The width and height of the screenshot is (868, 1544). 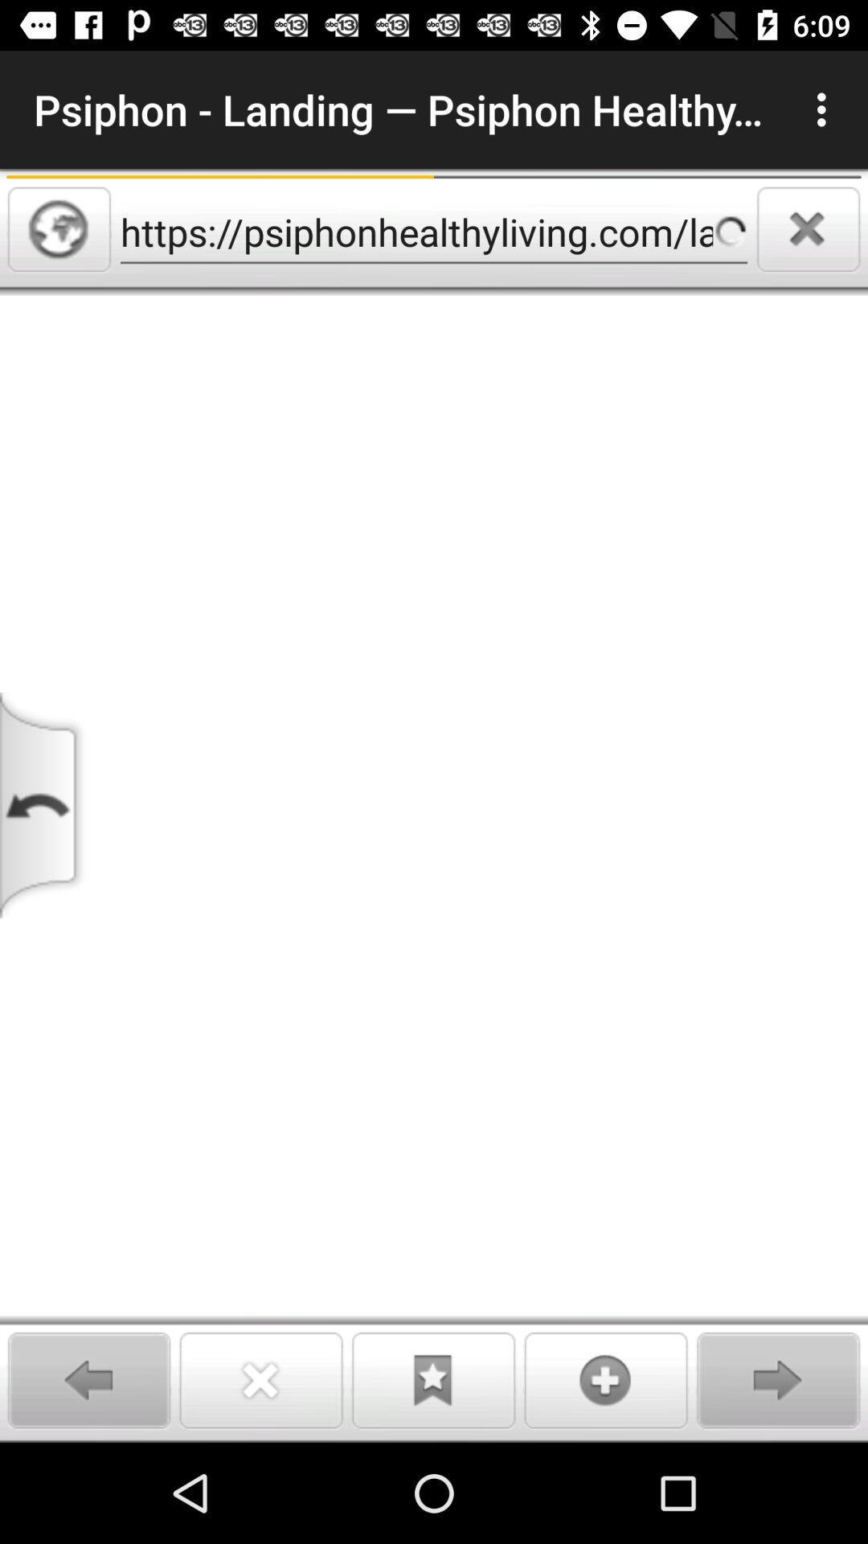 What do you see at coordinates (43, 805) in the screenshot?
I see `return previous page` at bounding box center [43, 805].